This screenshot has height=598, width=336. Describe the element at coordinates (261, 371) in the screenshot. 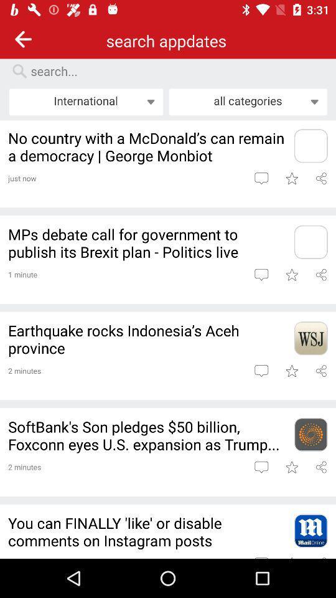

I see `comment on article toggle` at that location.